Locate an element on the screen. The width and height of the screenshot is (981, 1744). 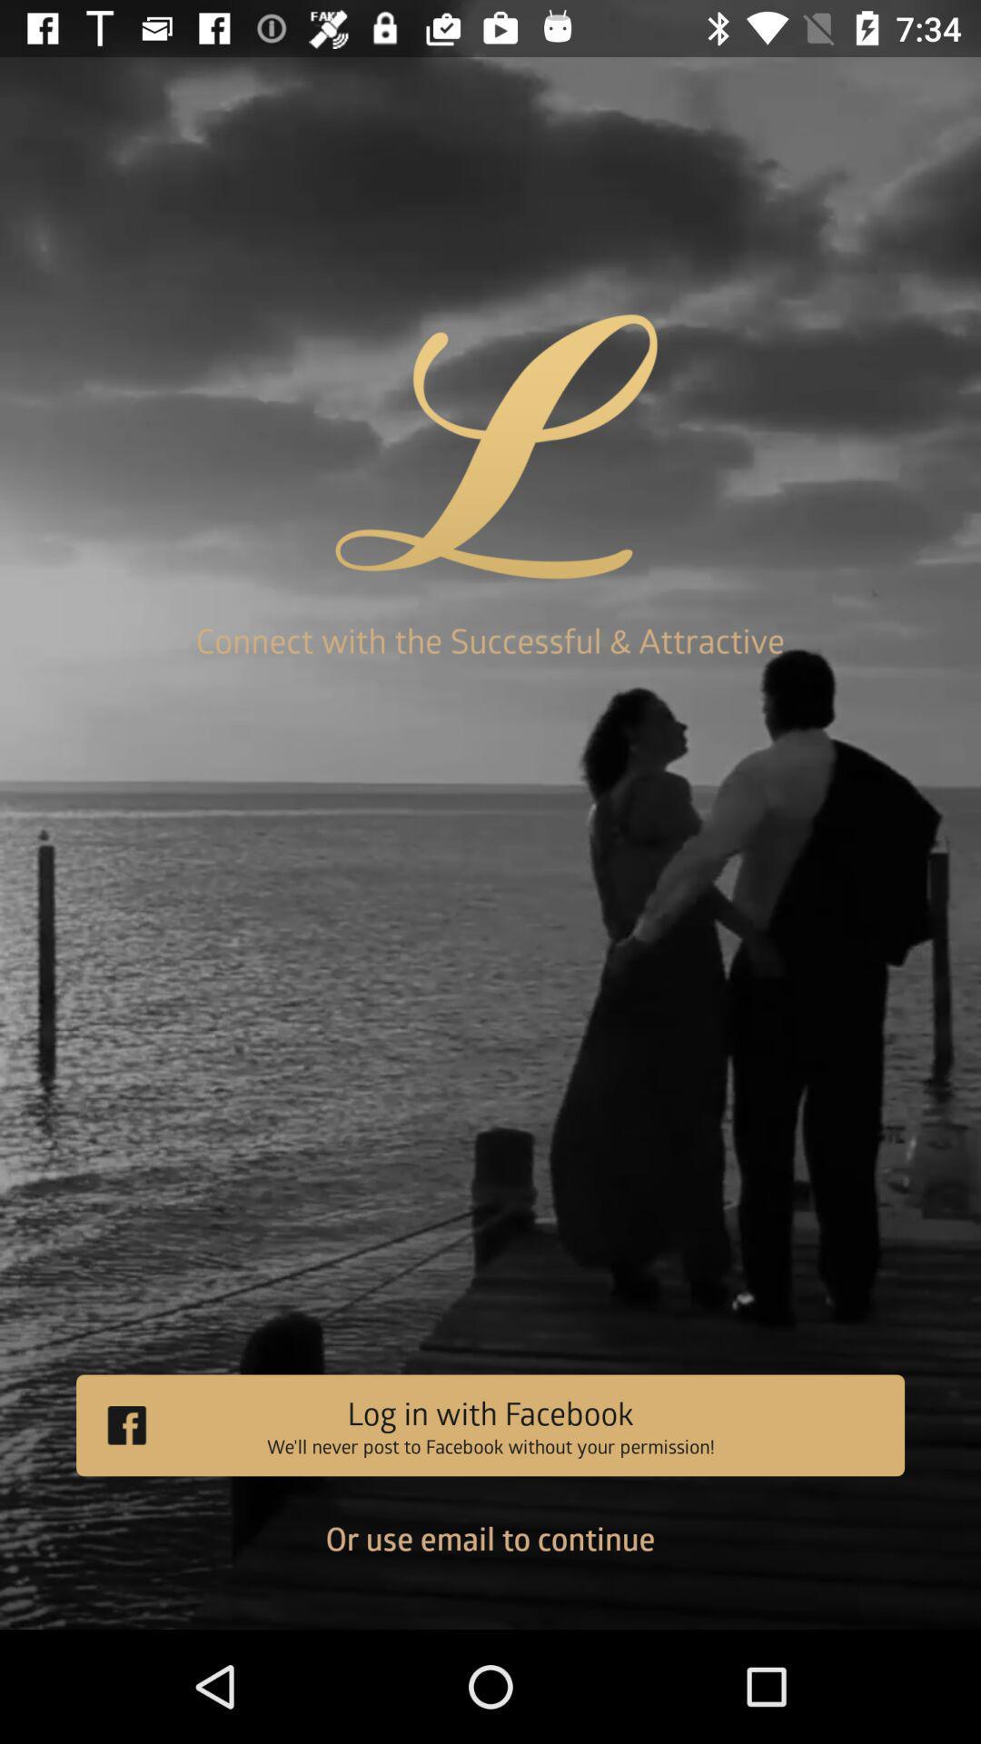
the item below log in with item is located at coordinates (490, 1551).